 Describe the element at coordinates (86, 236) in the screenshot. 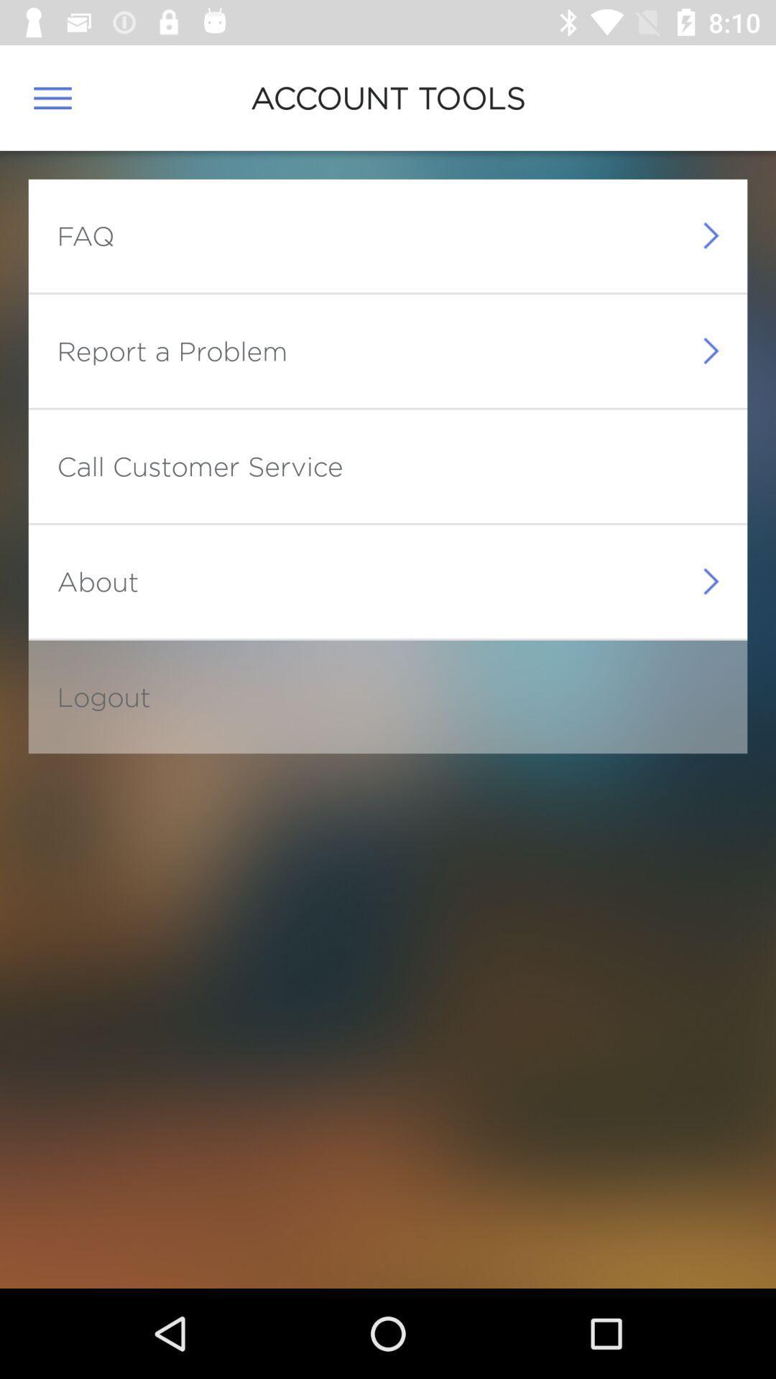

I see `the item above the report a problem item` at that location.